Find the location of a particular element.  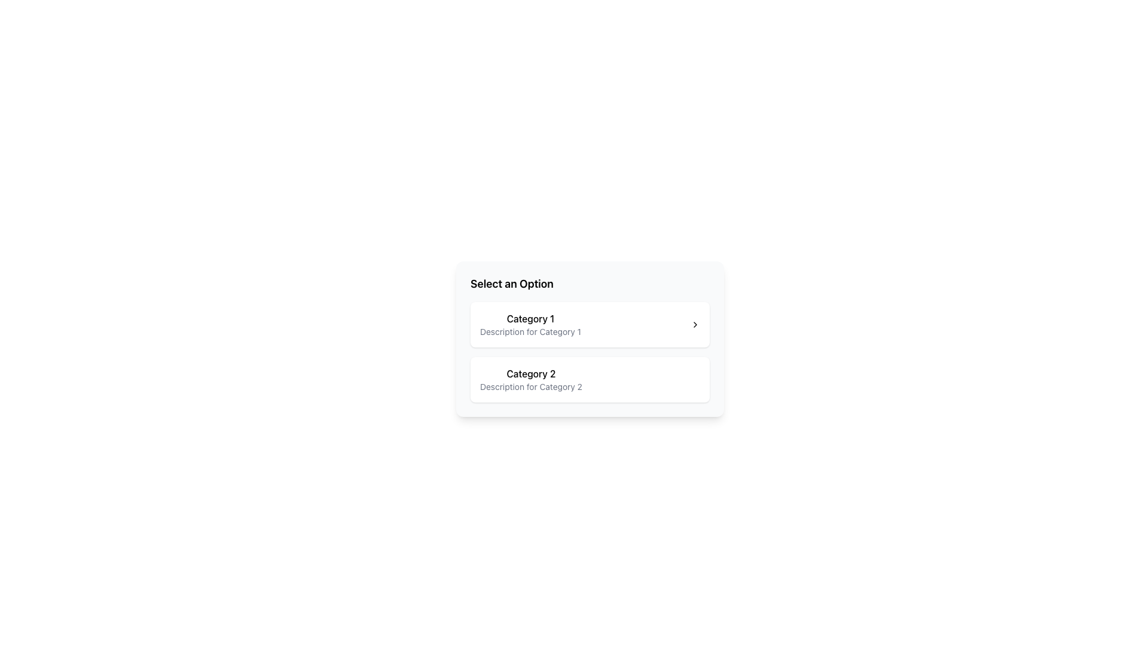

the first clickable list item in the menu that corresponds to 'Category 1' is located at coordinates (590, 325).